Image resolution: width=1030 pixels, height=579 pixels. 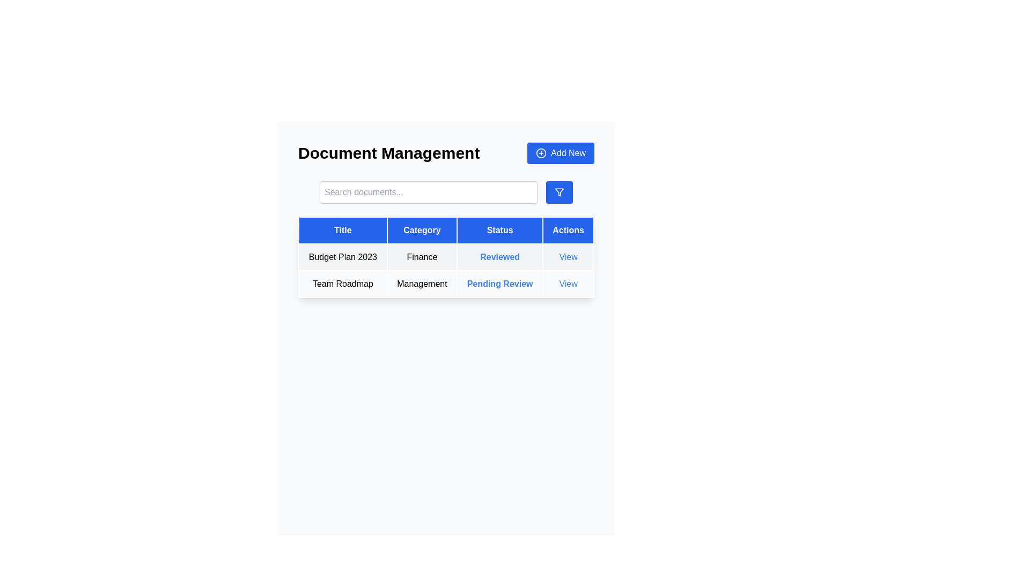 I want to click on the 'Category' table header, which is a rectangular button with a blue background and white text, positioned as the second element in the header row of a table, so click(x=422, y=229).